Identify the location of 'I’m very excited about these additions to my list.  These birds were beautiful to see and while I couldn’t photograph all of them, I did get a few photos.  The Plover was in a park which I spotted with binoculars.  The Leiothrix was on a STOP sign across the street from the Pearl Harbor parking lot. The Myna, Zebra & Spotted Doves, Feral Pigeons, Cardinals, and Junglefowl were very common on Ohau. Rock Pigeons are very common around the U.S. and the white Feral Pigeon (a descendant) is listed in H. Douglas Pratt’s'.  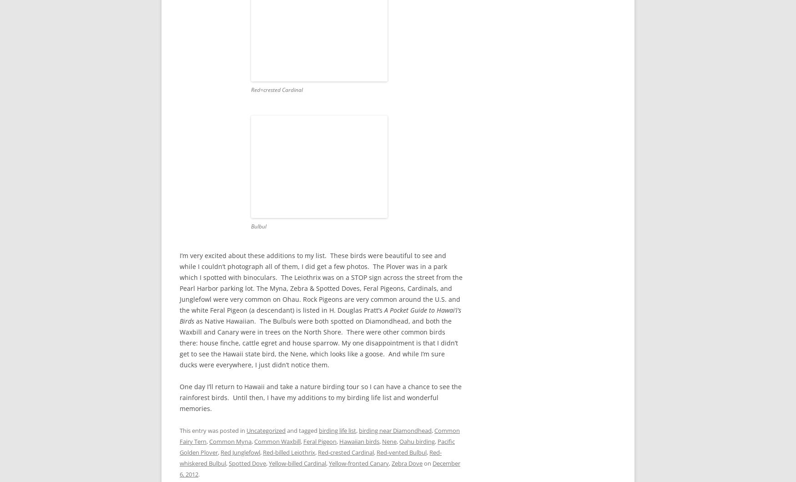
(321, 282).